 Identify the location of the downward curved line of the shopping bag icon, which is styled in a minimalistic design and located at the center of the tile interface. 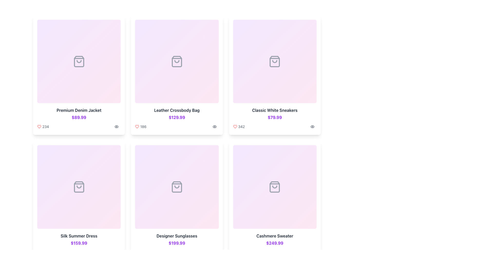
(79, 187).